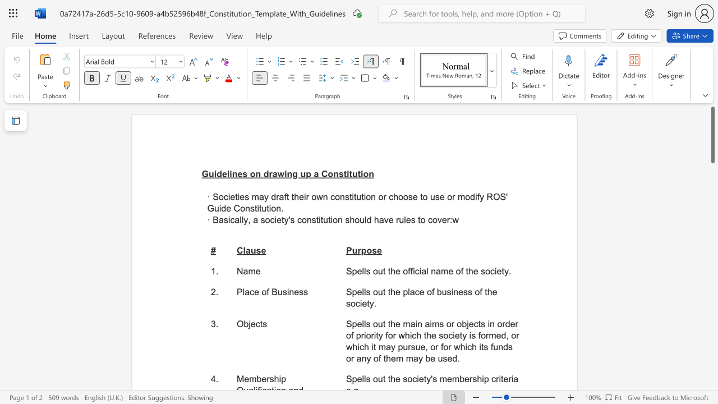  I want to click on the scrollbar on the right, so click(712, 325).